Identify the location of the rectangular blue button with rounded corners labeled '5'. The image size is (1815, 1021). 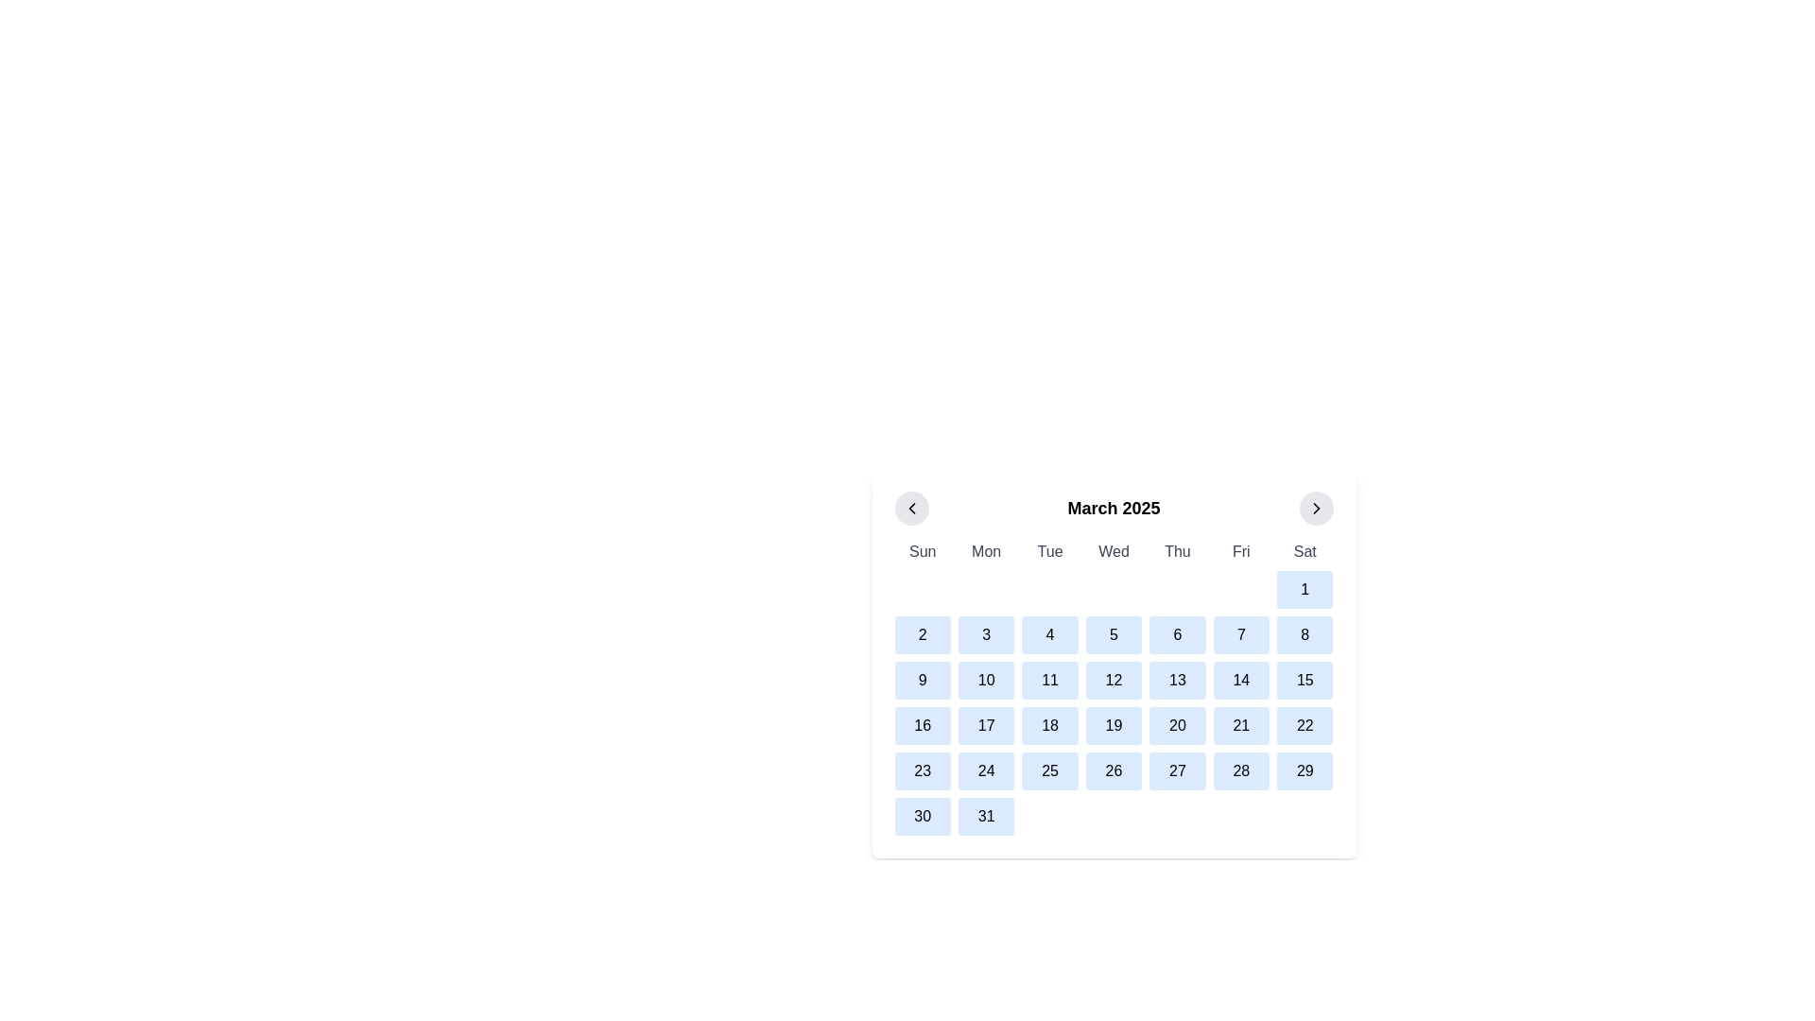
(1114, 634).